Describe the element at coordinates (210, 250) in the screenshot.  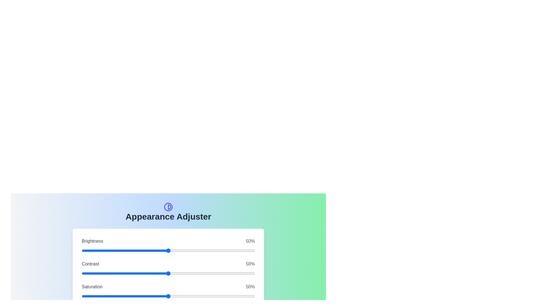
I see `the 0 slider to 49%` at that location.